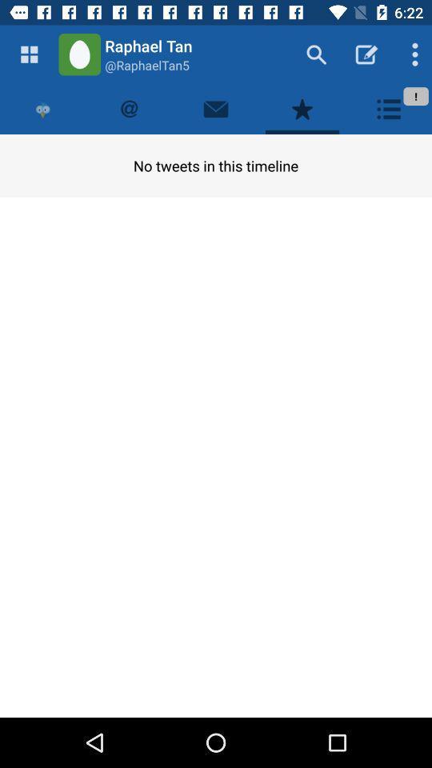 The image size is (432, 768). I want to click on replies, so click(129, 108).